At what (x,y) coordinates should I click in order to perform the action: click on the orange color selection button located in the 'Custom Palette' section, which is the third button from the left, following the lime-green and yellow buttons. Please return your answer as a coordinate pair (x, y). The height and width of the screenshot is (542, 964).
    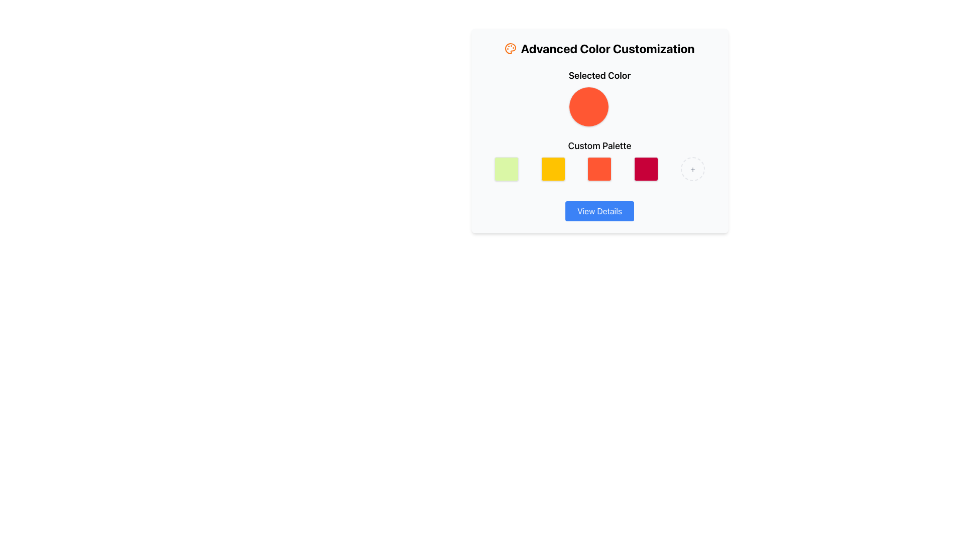
    Looking at the image, I should click on (599, 168).